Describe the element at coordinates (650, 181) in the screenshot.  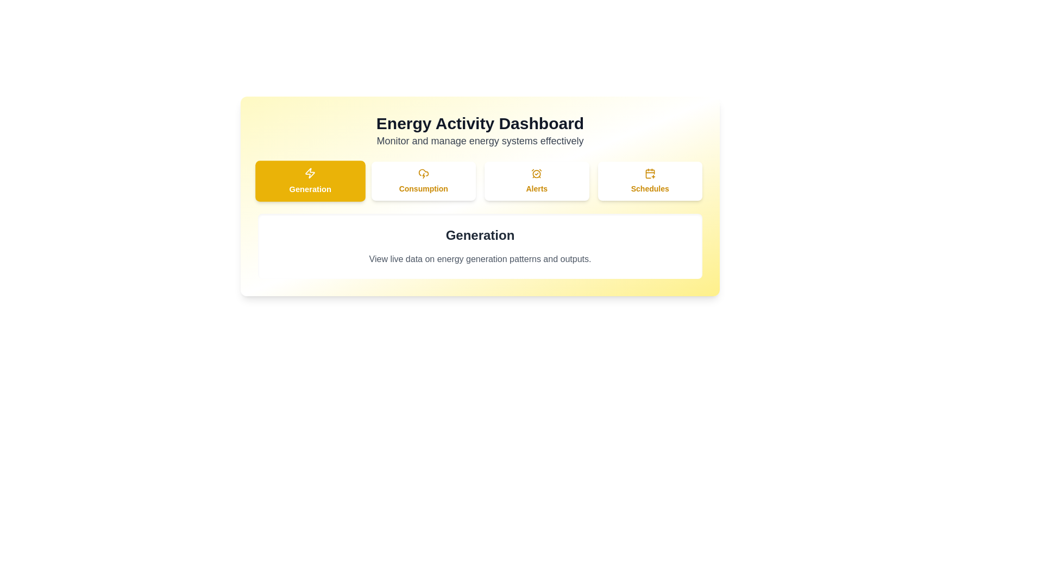
I see `the Schedules tab to view its content` at that location.